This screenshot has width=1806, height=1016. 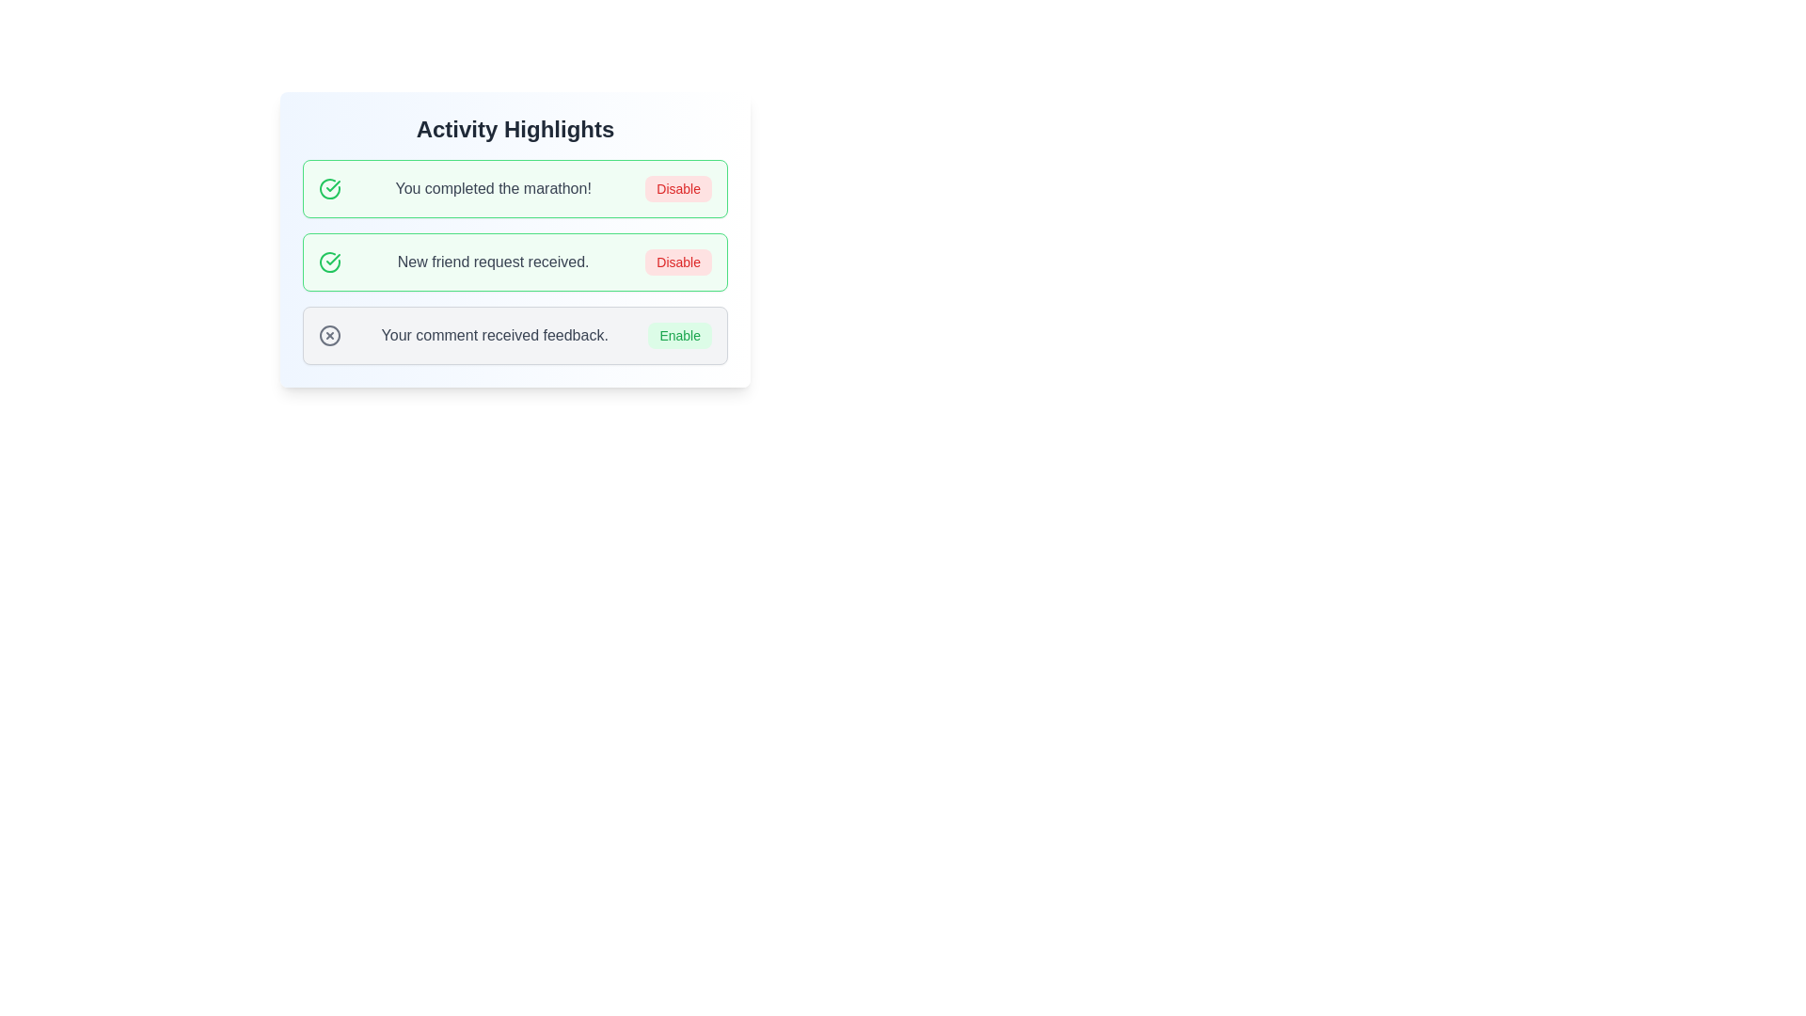 I want to click on the circular graphical icon that indicates the status of the third notification item labeled 'Your comment received feedback.', so click(x=329, y=335).